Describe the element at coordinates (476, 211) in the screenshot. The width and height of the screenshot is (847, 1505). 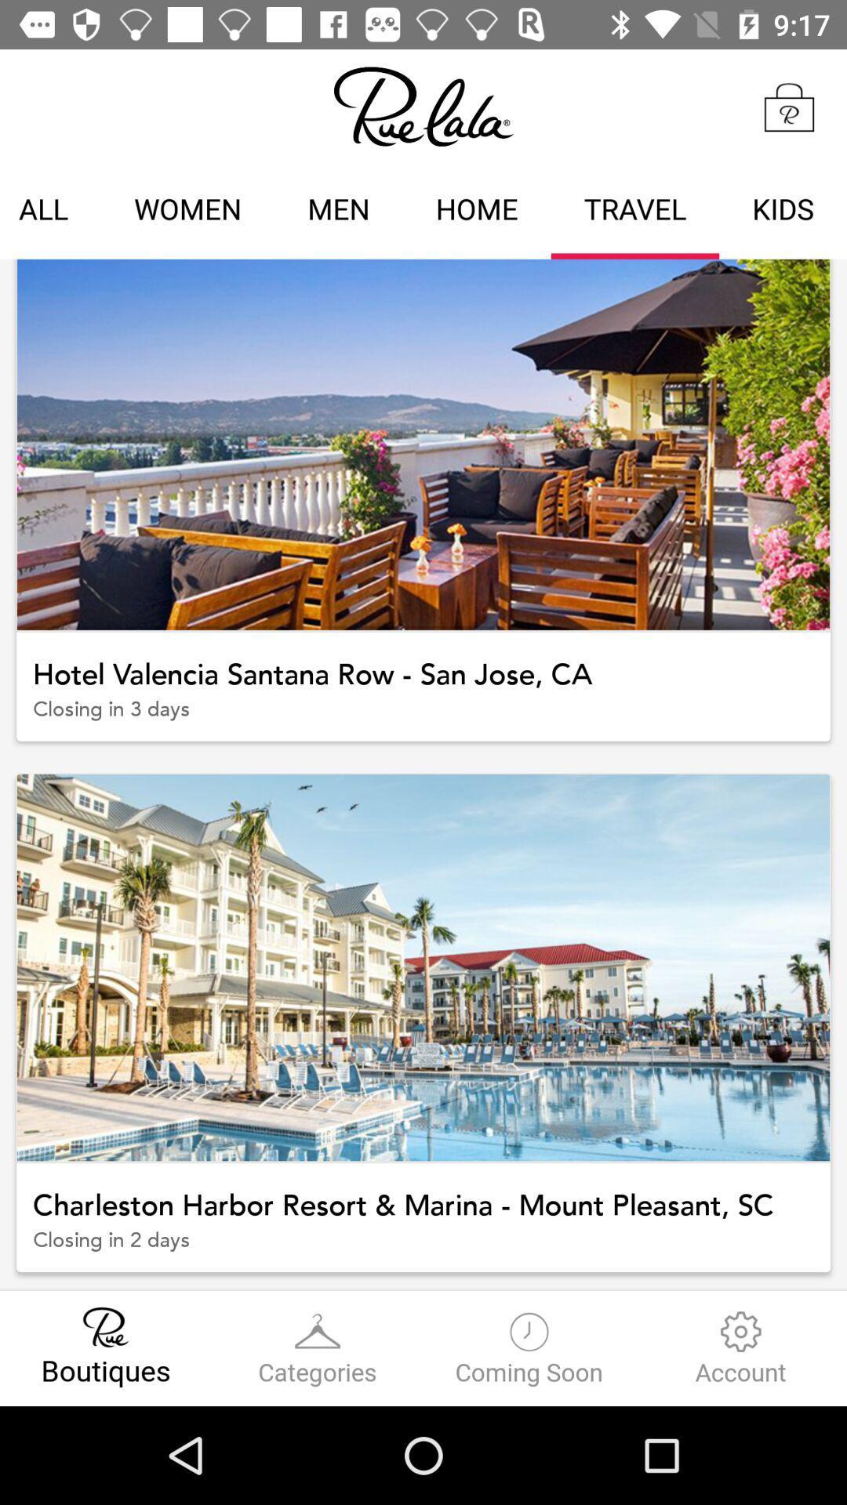
I see `icon to the left of travel` at that location.